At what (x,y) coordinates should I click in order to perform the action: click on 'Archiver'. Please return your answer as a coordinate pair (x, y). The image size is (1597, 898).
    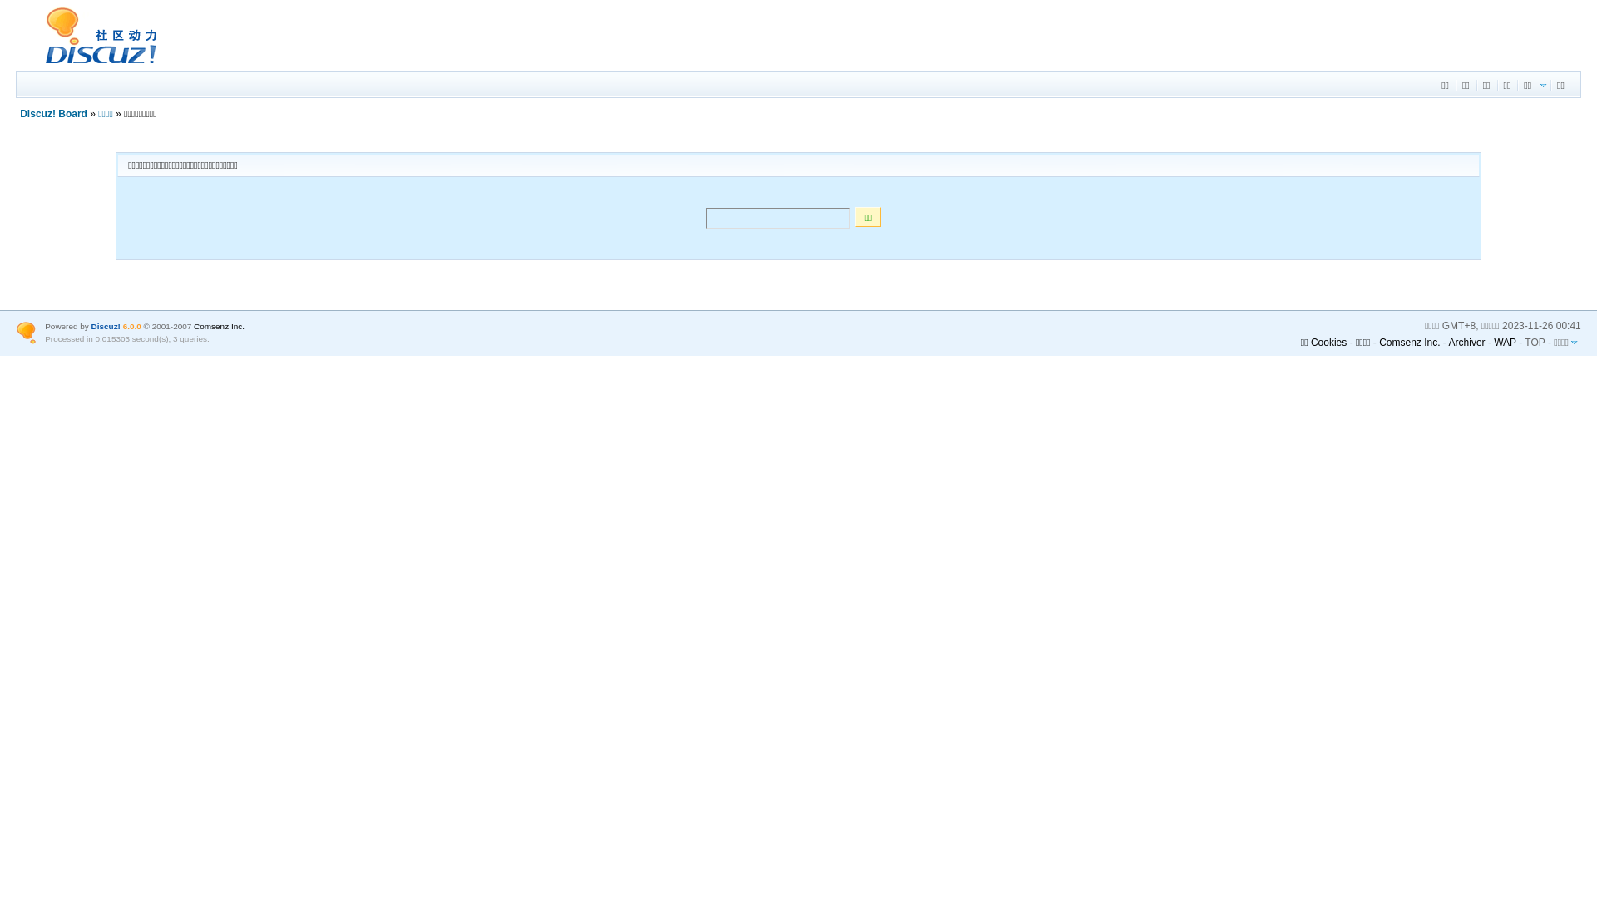
    Looking at the image, I should click on (1466, 342).